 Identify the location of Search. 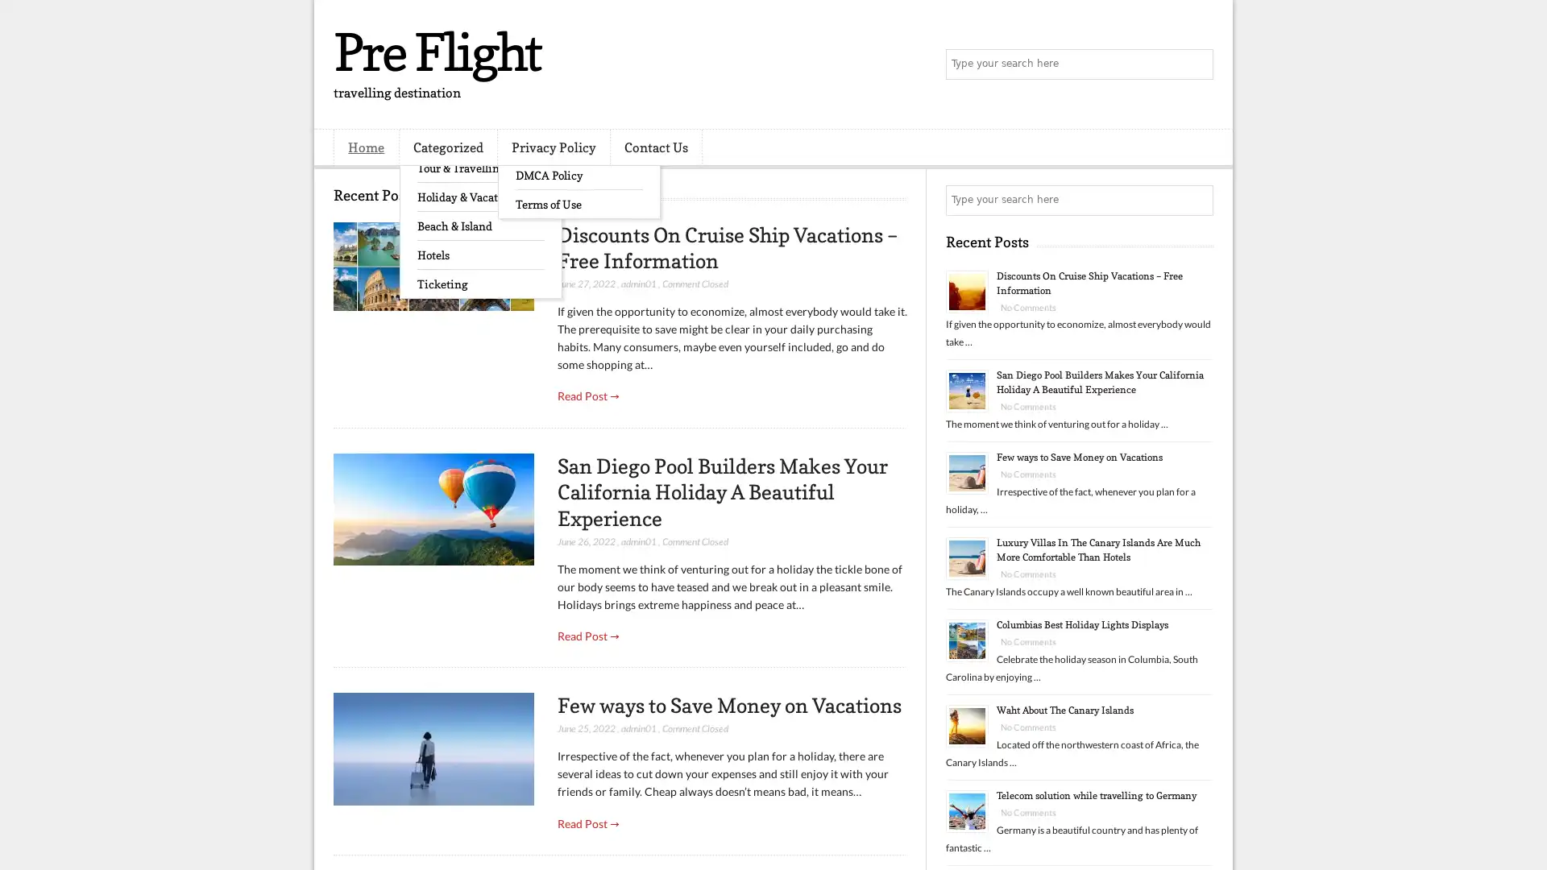
(1197, 200).